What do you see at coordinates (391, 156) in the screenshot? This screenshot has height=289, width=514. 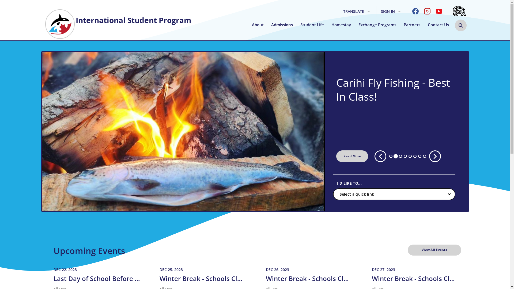 I see `'1'` at bounding box center [391, 156].